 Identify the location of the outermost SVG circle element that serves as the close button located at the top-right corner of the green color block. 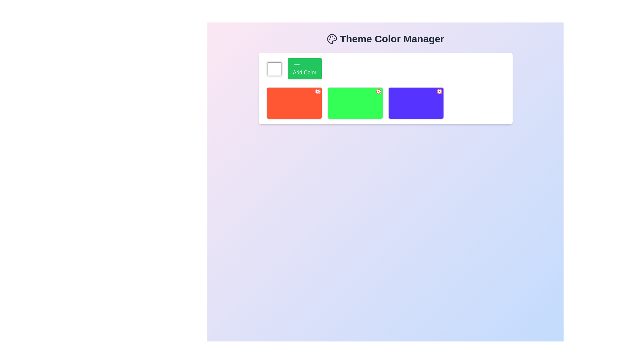
(378, 92).